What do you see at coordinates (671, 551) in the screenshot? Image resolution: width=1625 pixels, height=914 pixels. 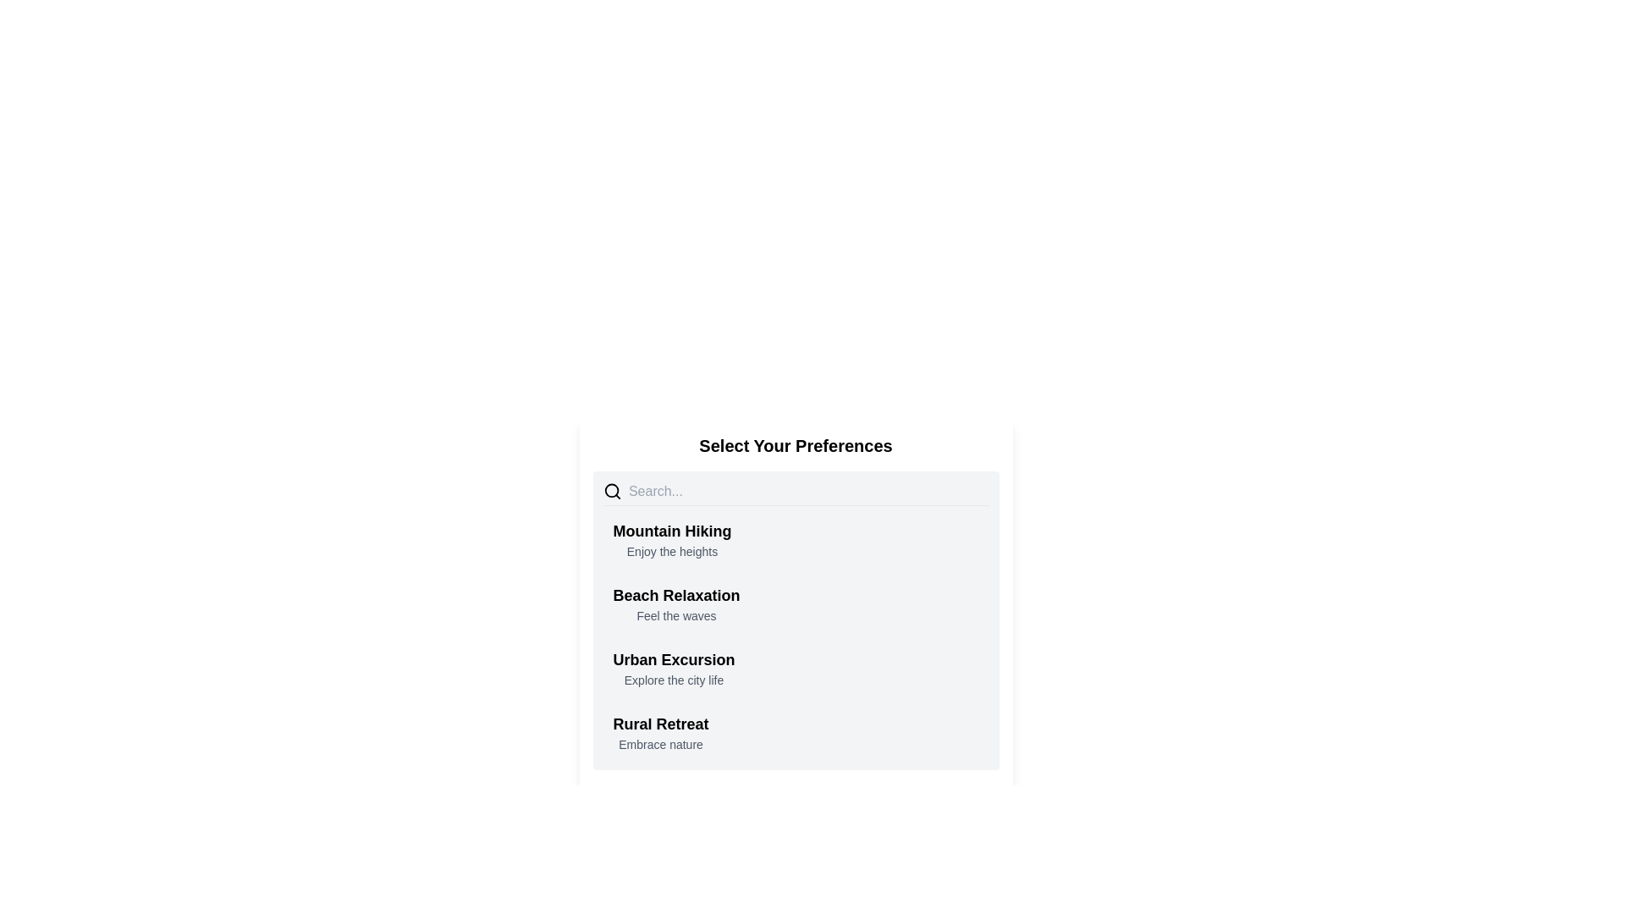 I see `the text providing additional information supporting the 'Mountain Hiking' option, positioned immediately below the 'Mountain Hiking' header` at bounding box center [671, 551].